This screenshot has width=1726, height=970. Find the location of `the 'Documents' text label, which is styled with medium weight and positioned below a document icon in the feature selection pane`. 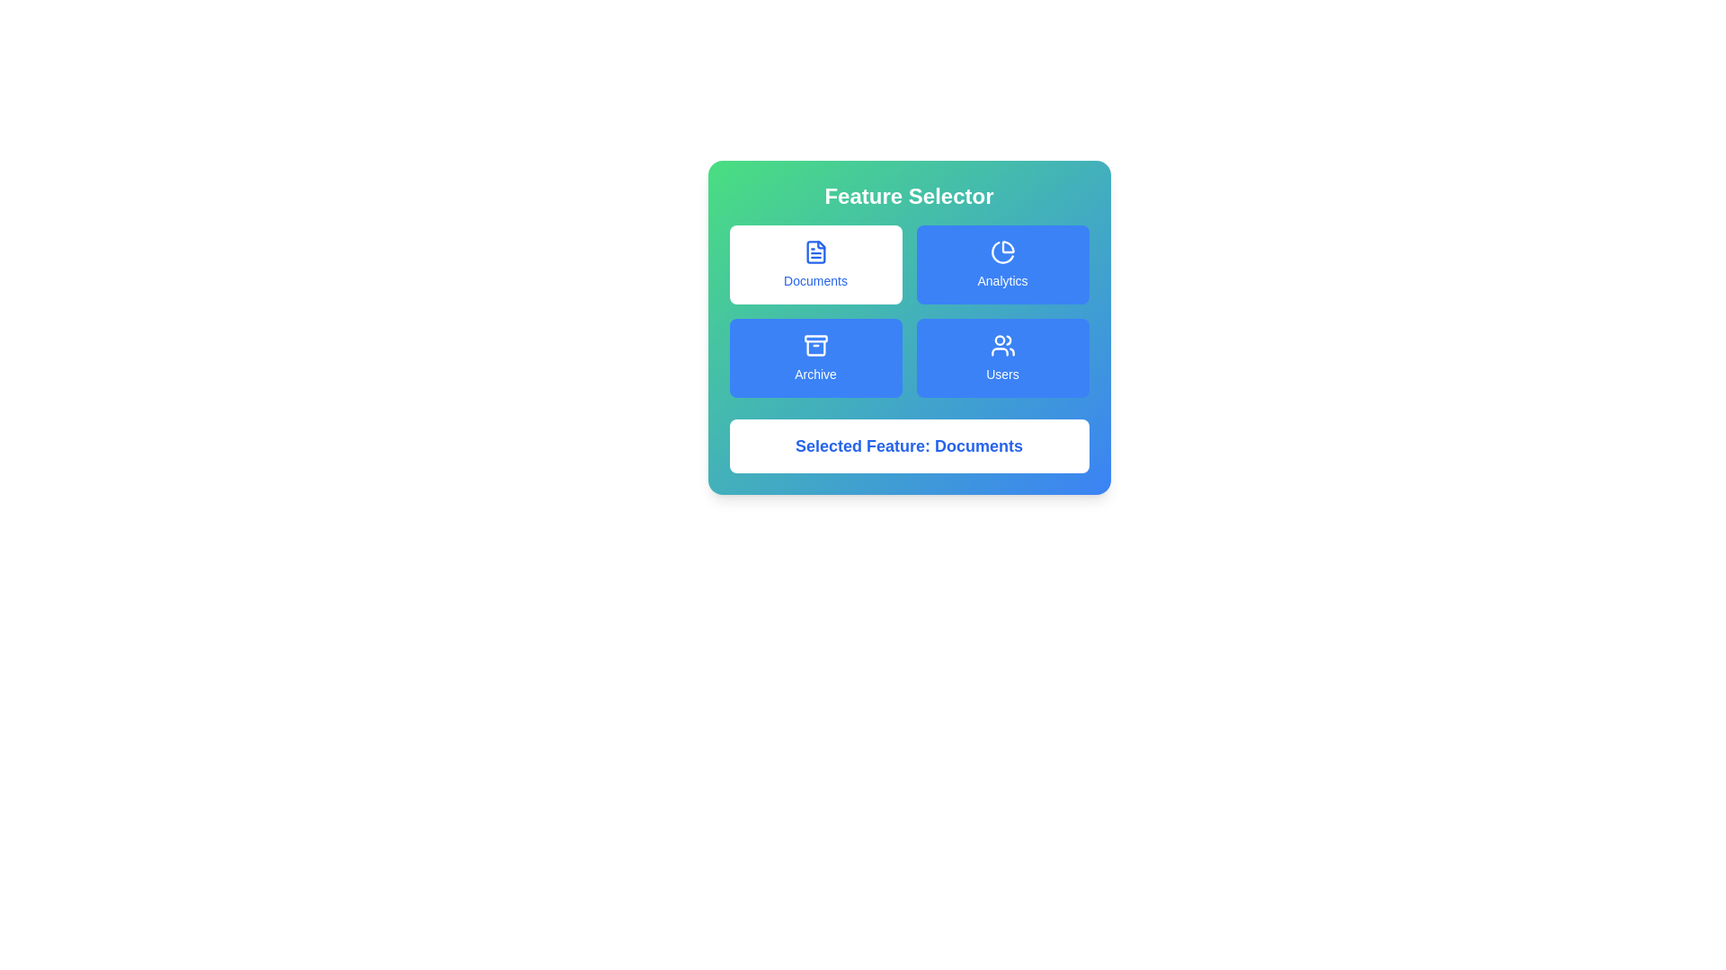

the 'Documents' text label, which is styled with medium weight and positioned below a document icon in the feature selection pane is located at coordinates (814, 280).